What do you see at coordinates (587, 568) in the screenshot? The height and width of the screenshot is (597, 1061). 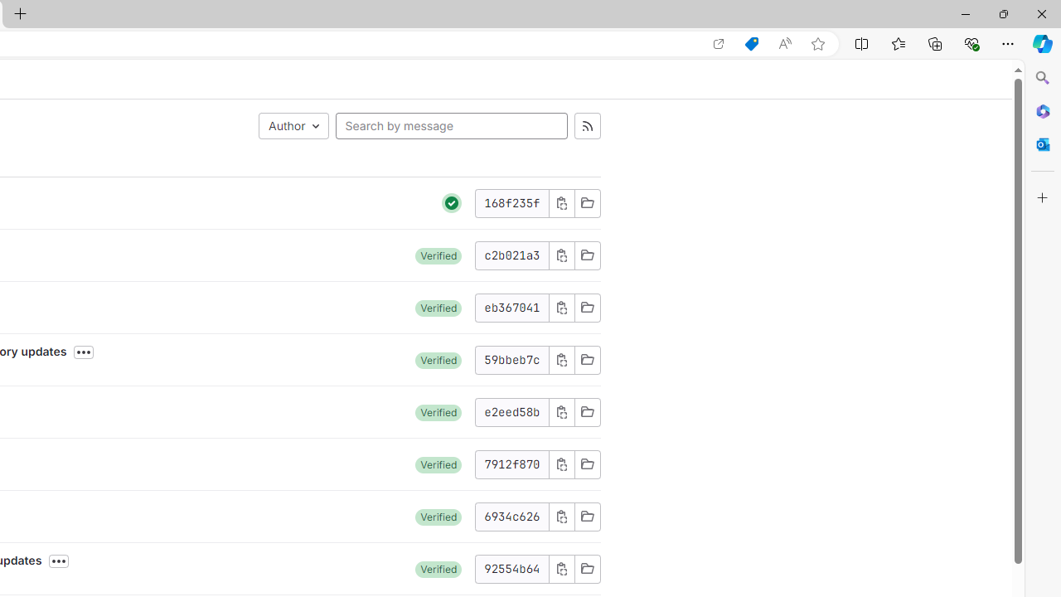 I see `'Class: s16'` at bounding box center [587, 568].